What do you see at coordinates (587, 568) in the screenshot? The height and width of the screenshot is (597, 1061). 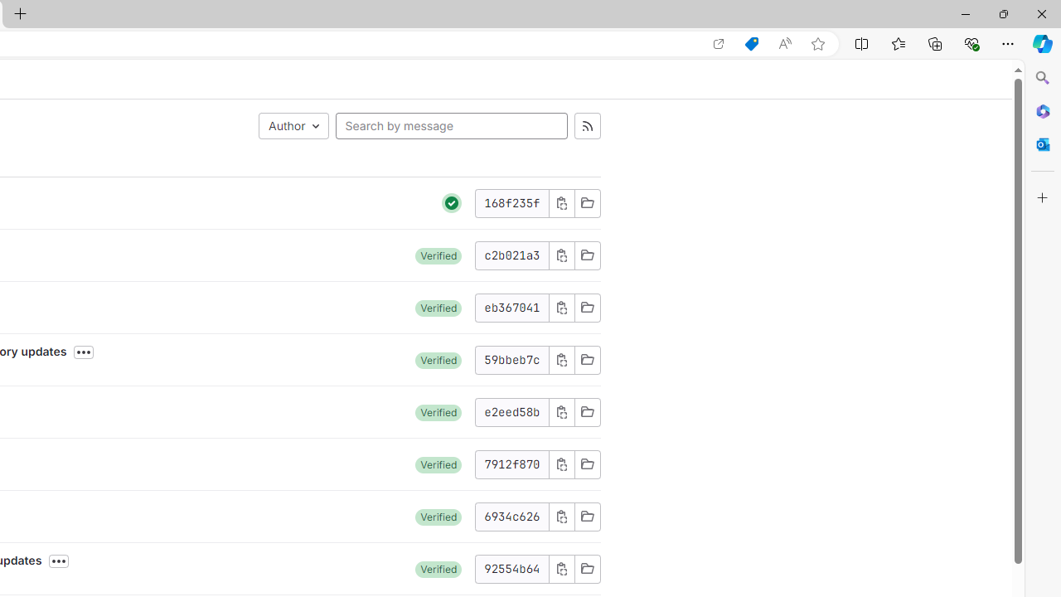 I see `'Class: s16'` at bounding box center [587, 568].